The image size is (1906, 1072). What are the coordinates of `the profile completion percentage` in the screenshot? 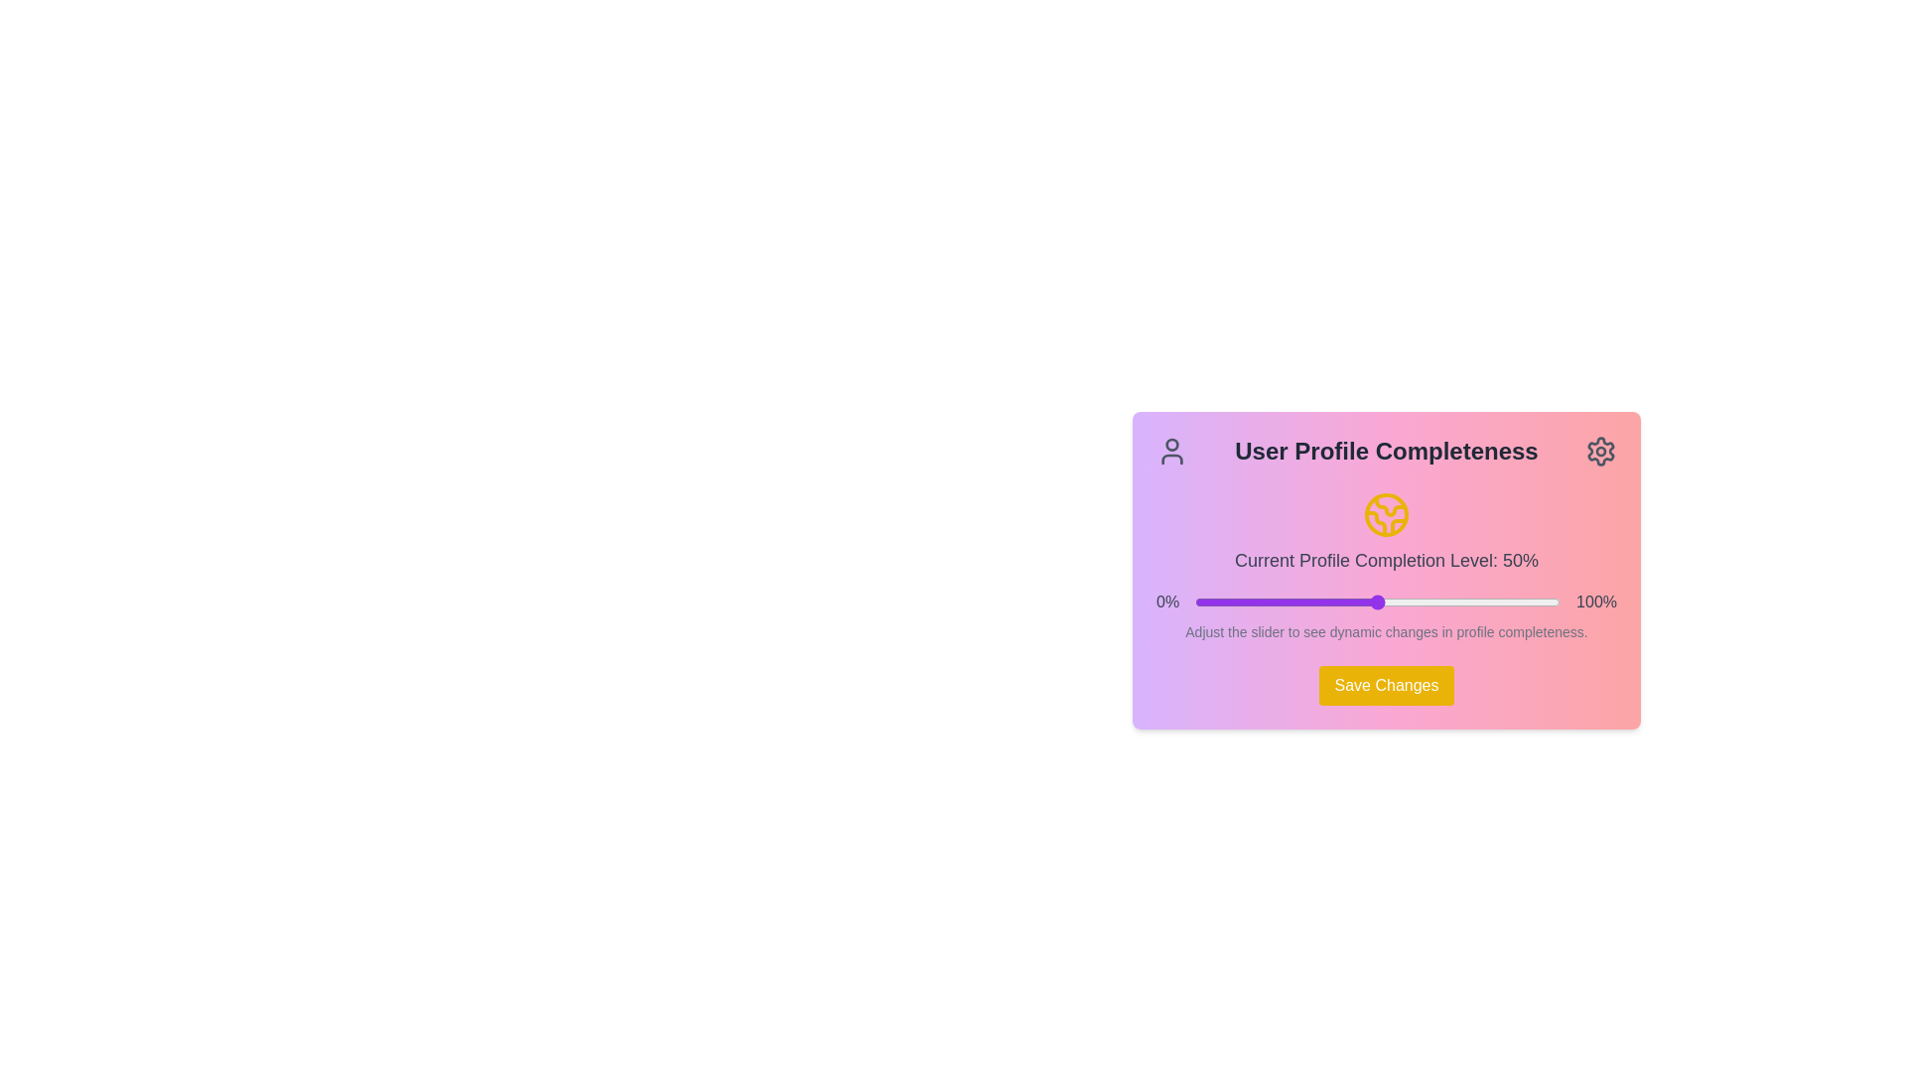 It's located at (1461, 601).